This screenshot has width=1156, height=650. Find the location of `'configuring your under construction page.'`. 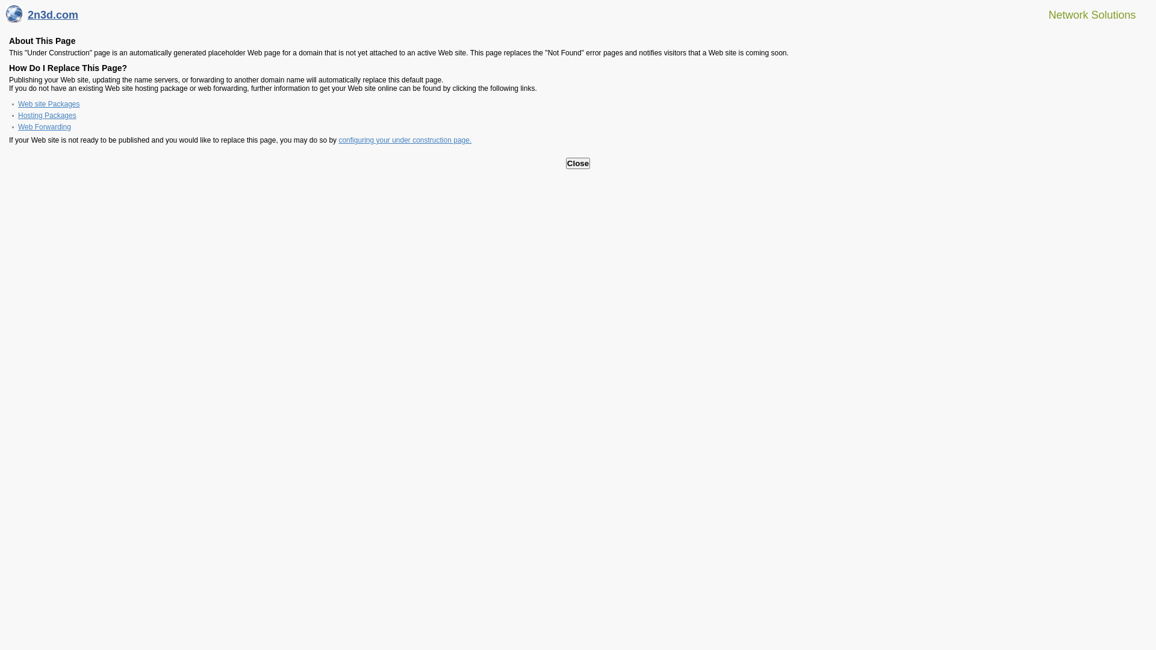

'configuring your under construction page.' is located at coordinates (337, 139).